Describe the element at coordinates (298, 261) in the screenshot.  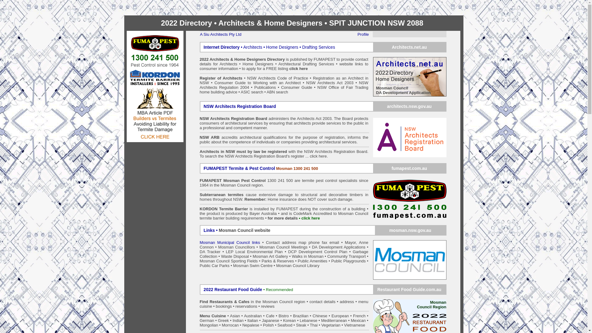
I see `'Public Amenities'` at that location.